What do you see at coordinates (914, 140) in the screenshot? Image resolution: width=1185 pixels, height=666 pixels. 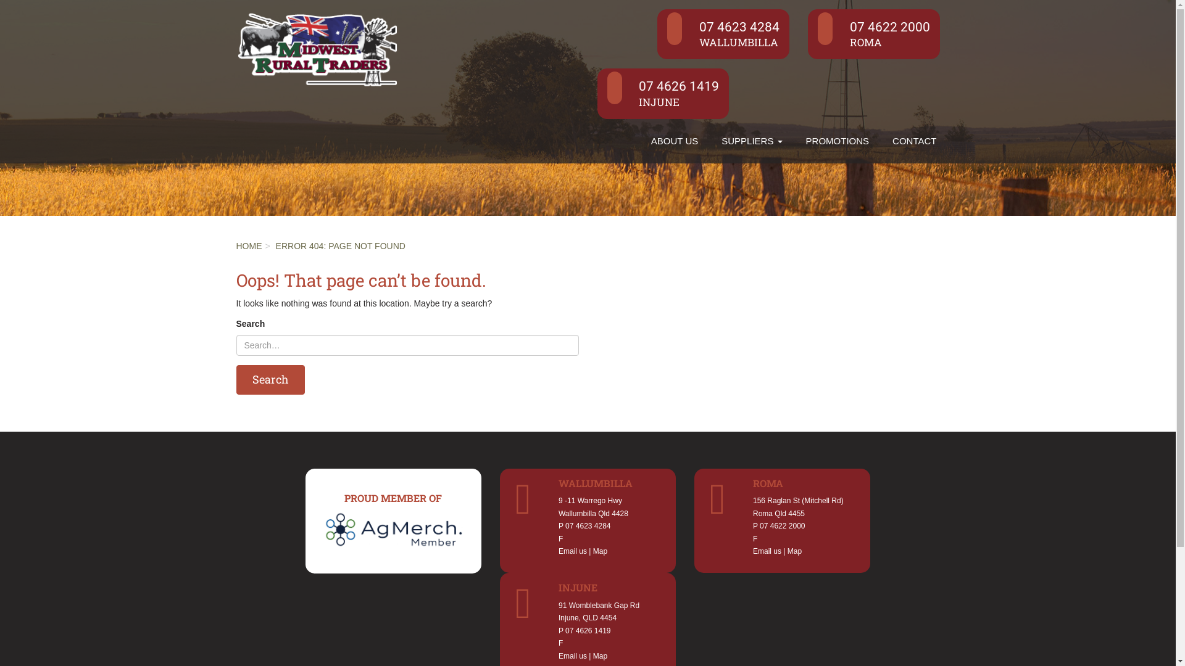 I see `'CONTACT'` at bounding box center [914, 140].